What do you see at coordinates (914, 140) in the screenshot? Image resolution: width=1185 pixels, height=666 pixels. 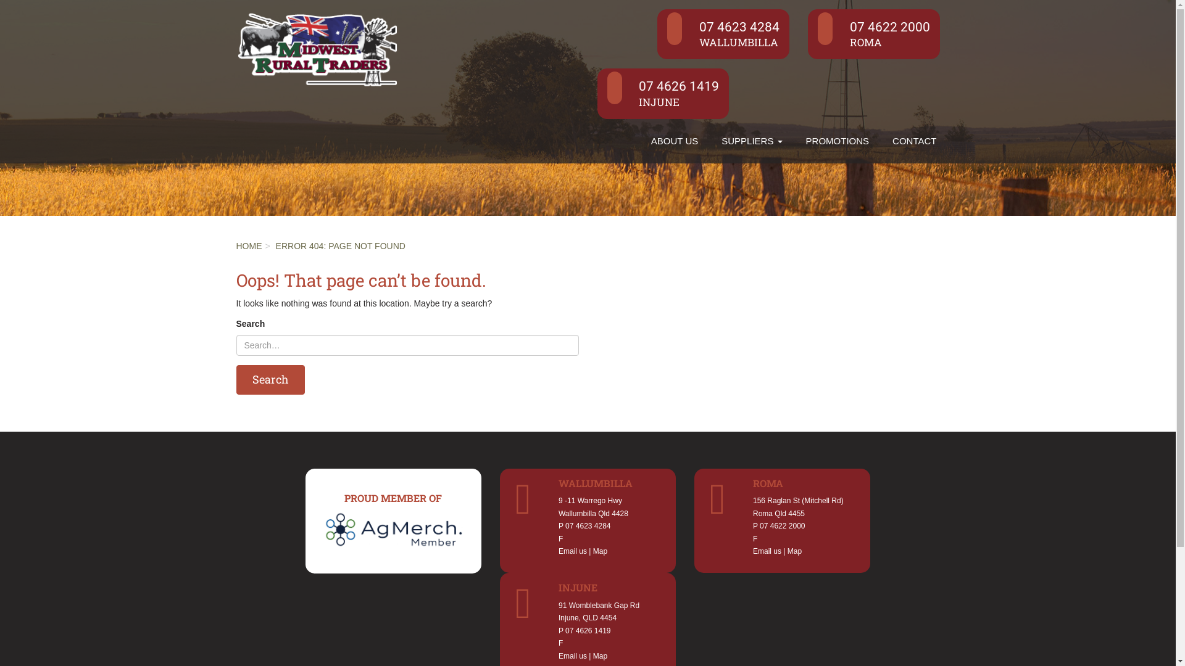 I see `'CONTACT'` at bounding box center [914, 140].